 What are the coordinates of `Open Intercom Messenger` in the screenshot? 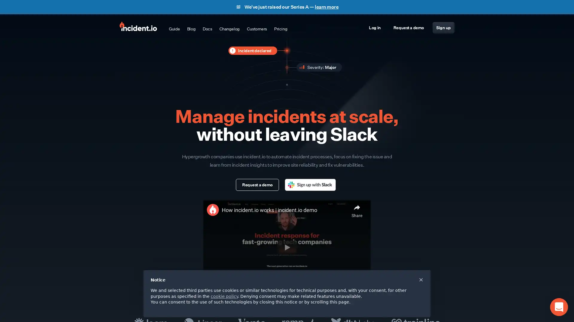 It's located at (559, 307).